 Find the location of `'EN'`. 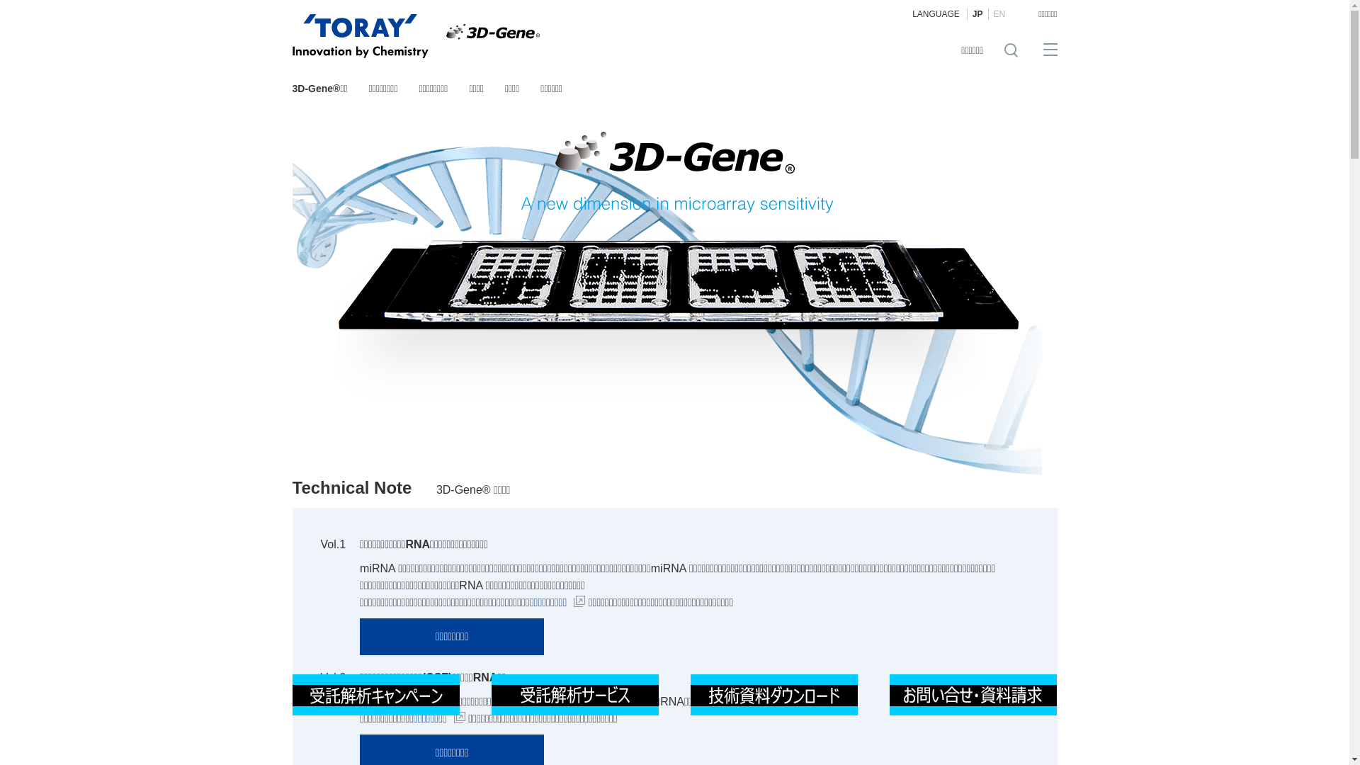

'EN' is located at coordinates (987, 13).